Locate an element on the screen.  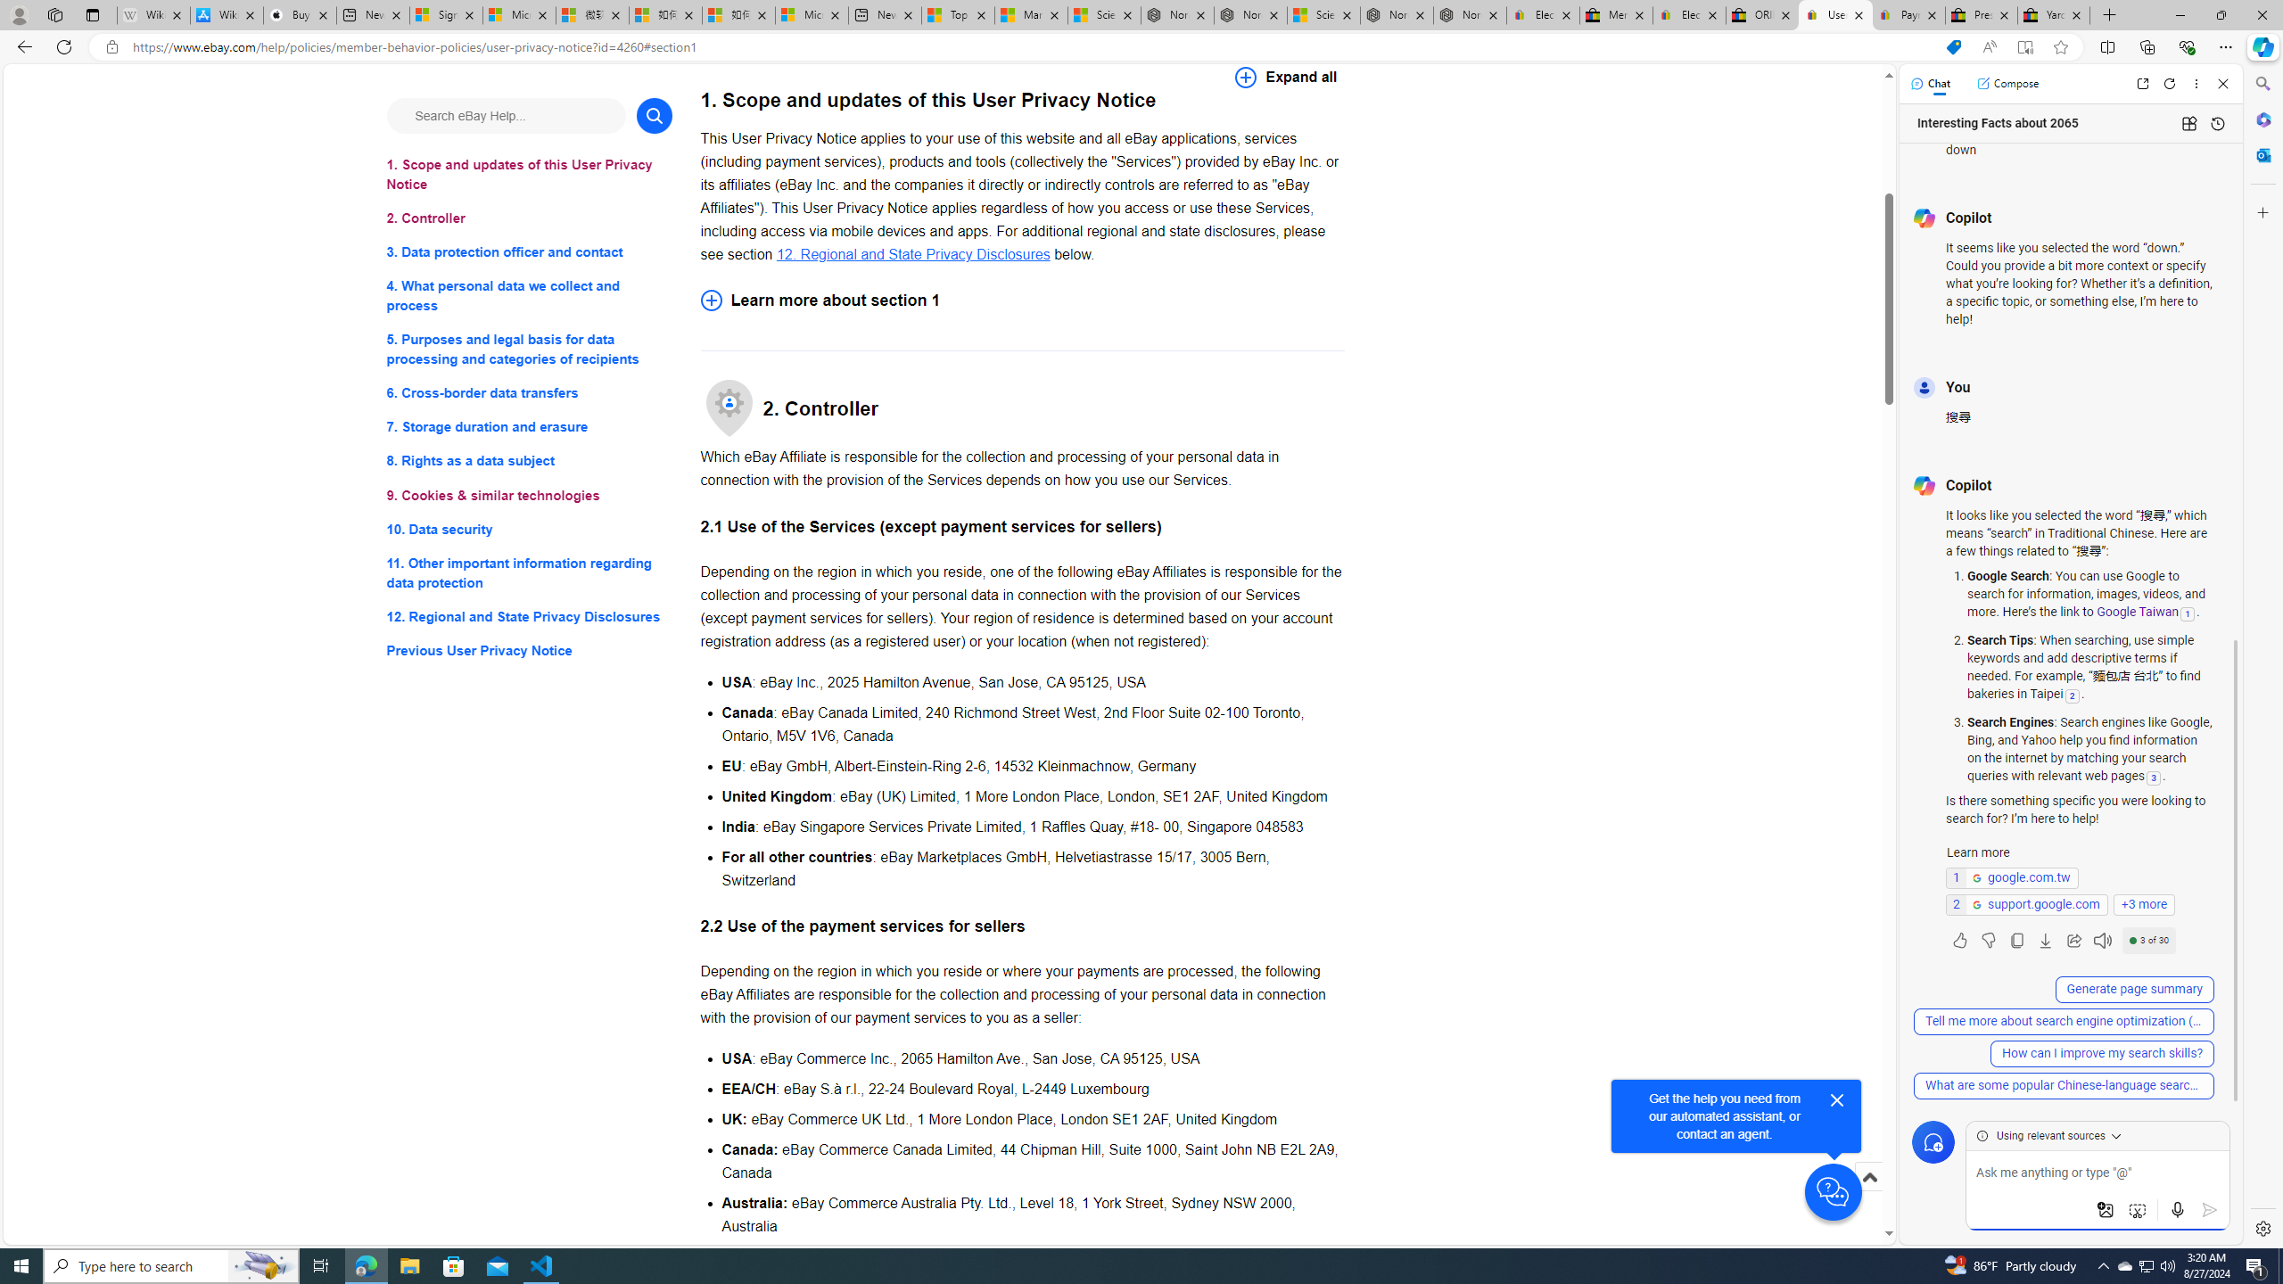
'Previous User Privacy Notice' is located at coordinates (528, 650).